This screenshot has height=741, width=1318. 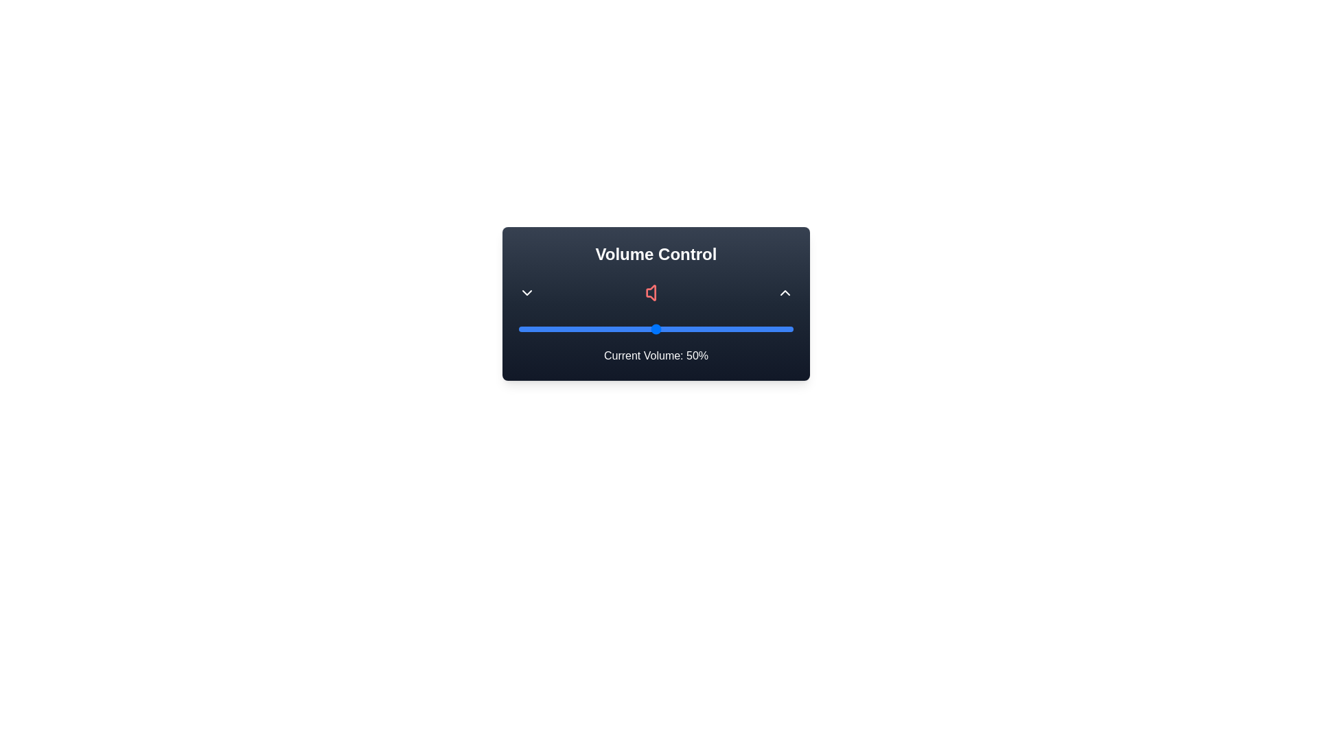 I want to click on down arrow button to decrease the volume, so click(x=527, y=292).